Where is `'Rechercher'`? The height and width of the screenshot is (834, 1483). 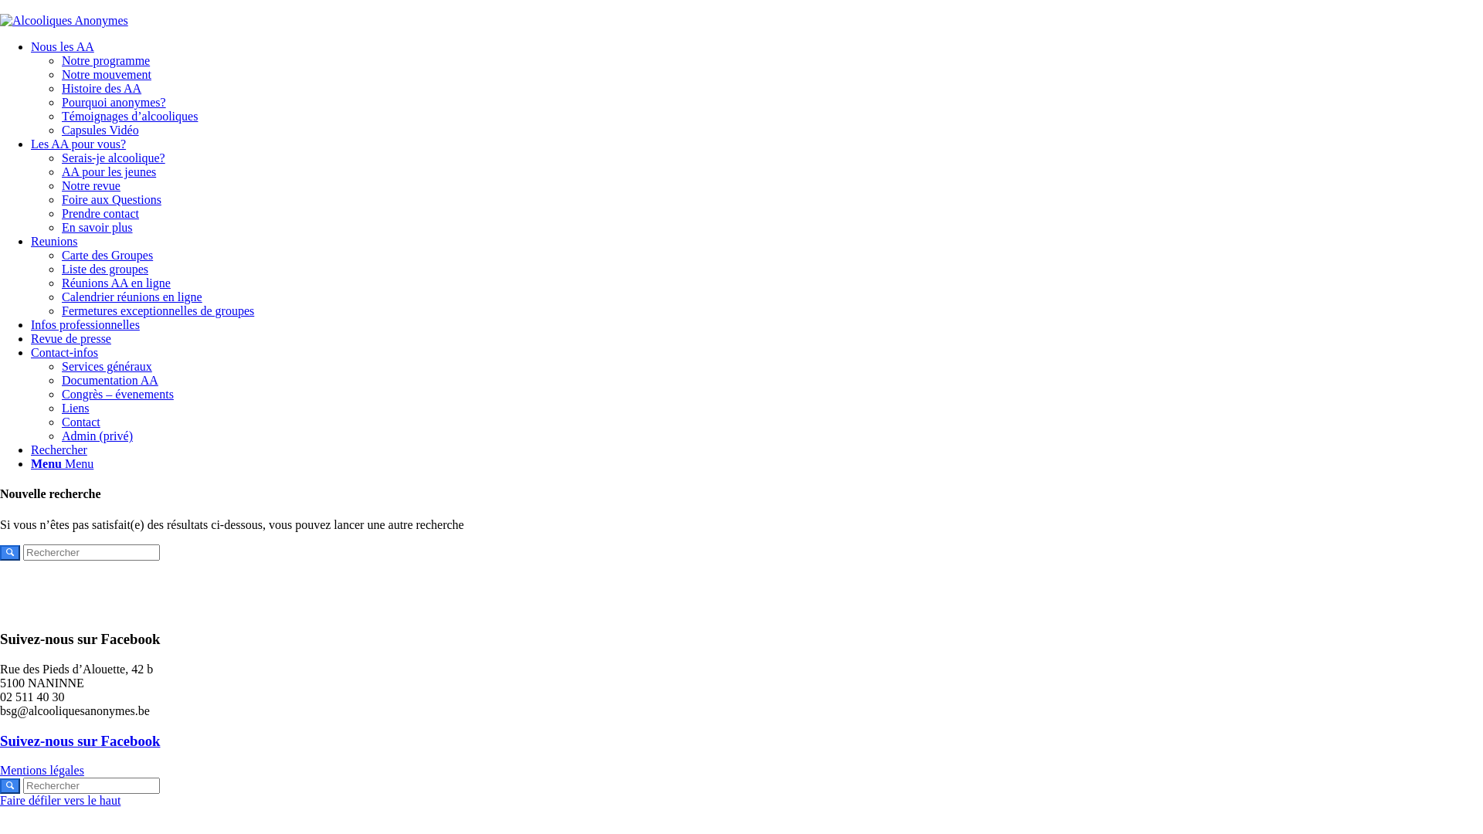
'Rechercher' is located at coordinates (59, 449).